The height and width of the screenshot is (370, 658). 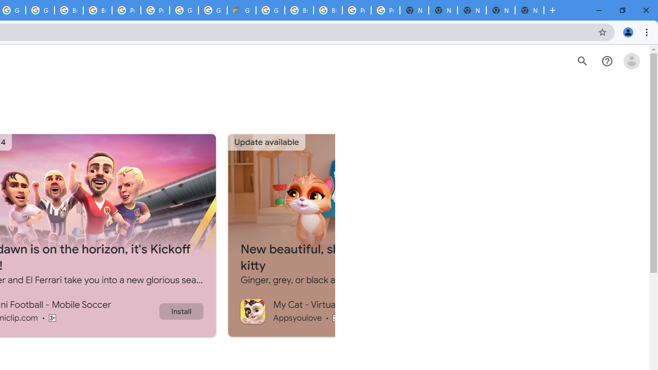 I want to click on 'Browse Chrome as a guest - Computer - Google Chrome Help', so click(x=299, y=10).